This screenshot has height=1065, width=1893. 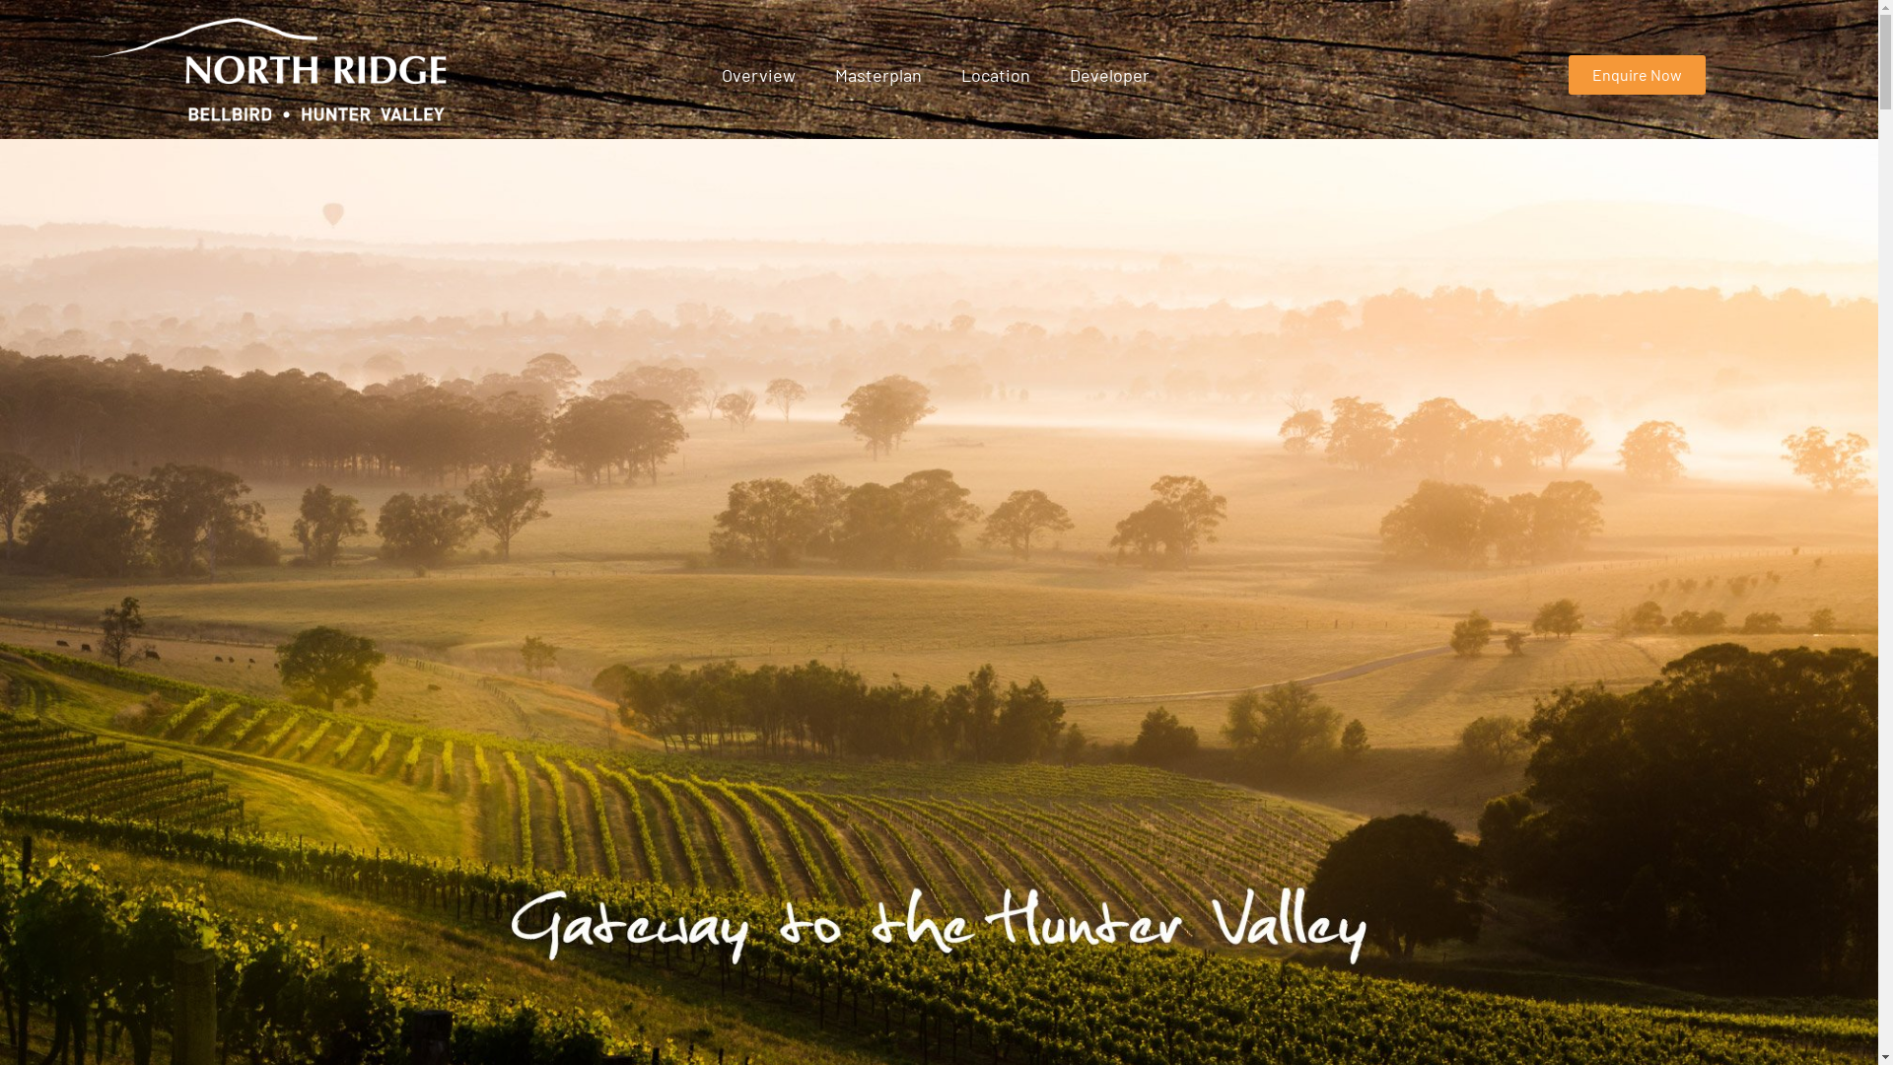 What do you see at coordinates (1637, 74) in the screenshot?
I see `'Enquire Now'` at bounding box center [1637, 74].